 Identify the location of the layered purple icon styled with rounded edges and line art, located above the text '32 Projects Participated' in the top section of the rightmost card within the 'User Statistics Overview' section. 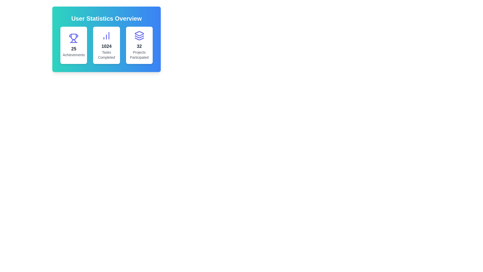
(139, 36).